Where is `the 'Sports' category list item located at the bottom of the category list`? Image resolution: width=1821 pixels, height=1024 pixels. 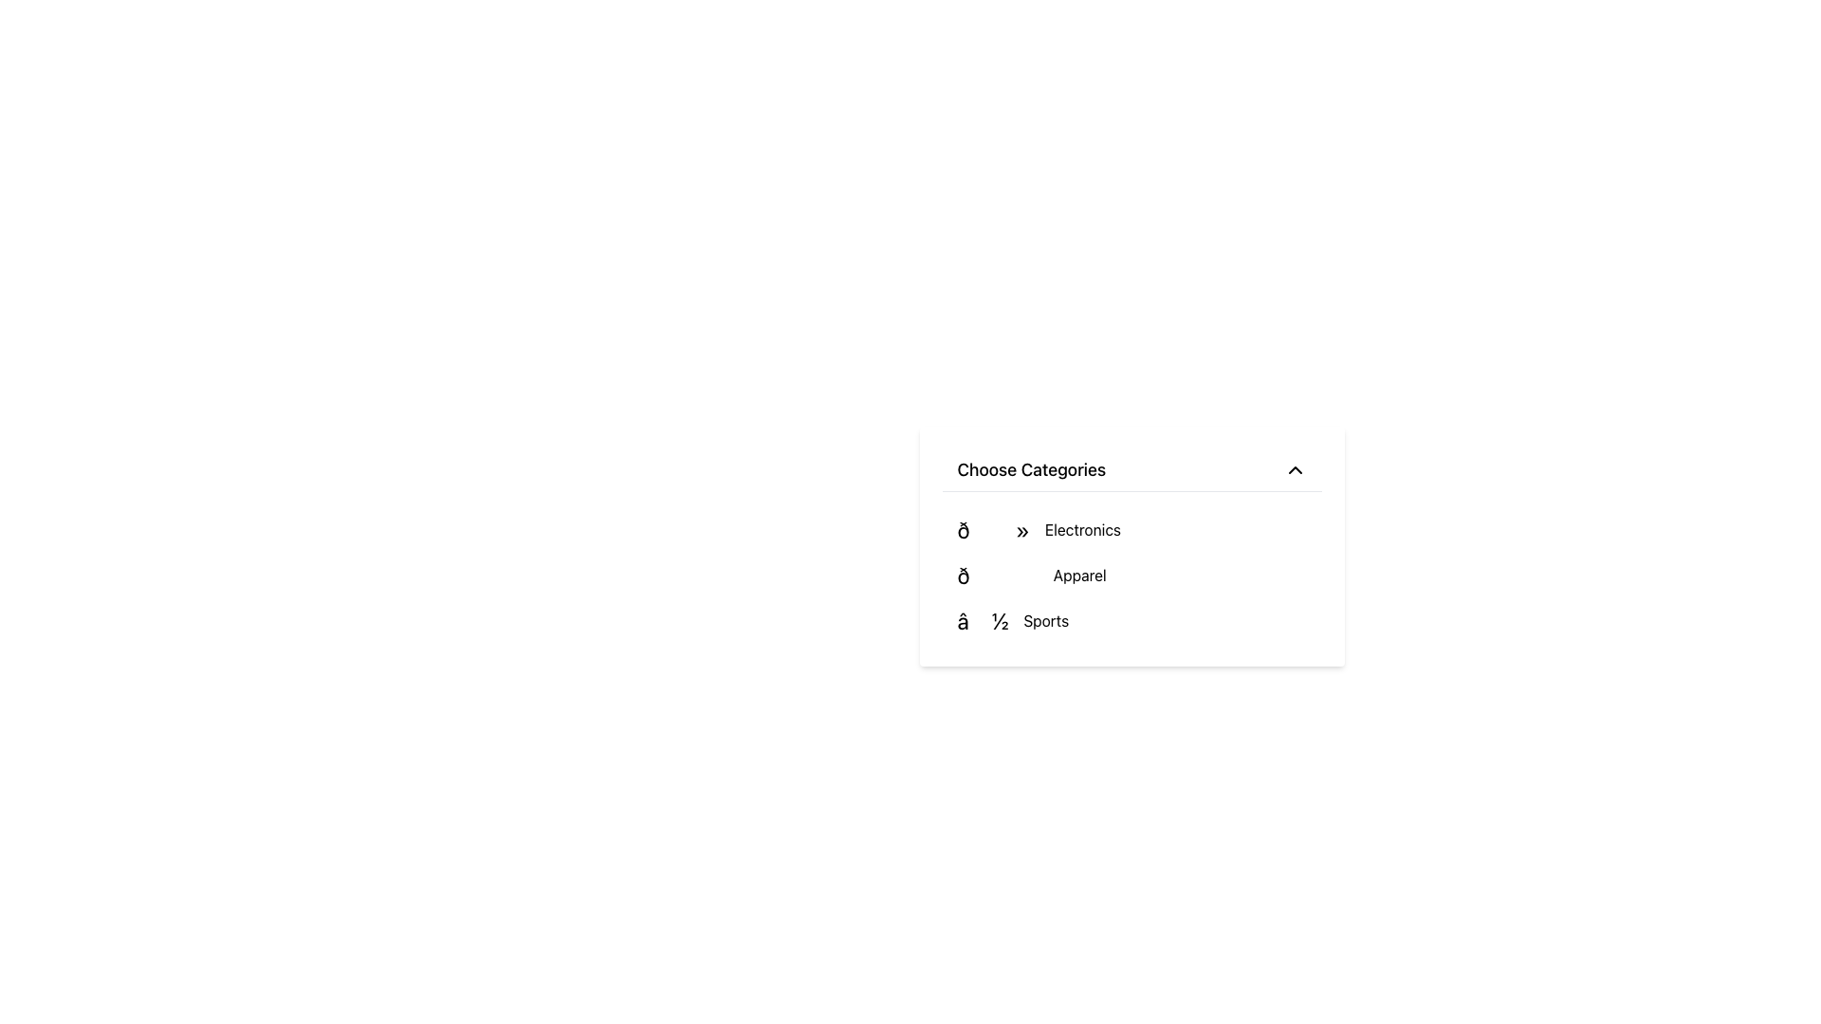
the 'Sports' category list item located at the bottom of the category list is located at coordinates (1131, 621).